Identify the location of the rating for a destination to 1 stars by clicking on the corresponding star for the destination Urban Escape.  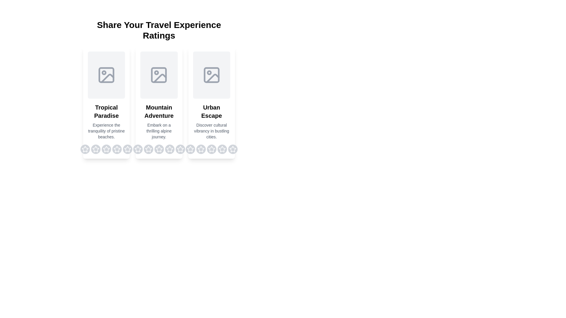
(190, 149).